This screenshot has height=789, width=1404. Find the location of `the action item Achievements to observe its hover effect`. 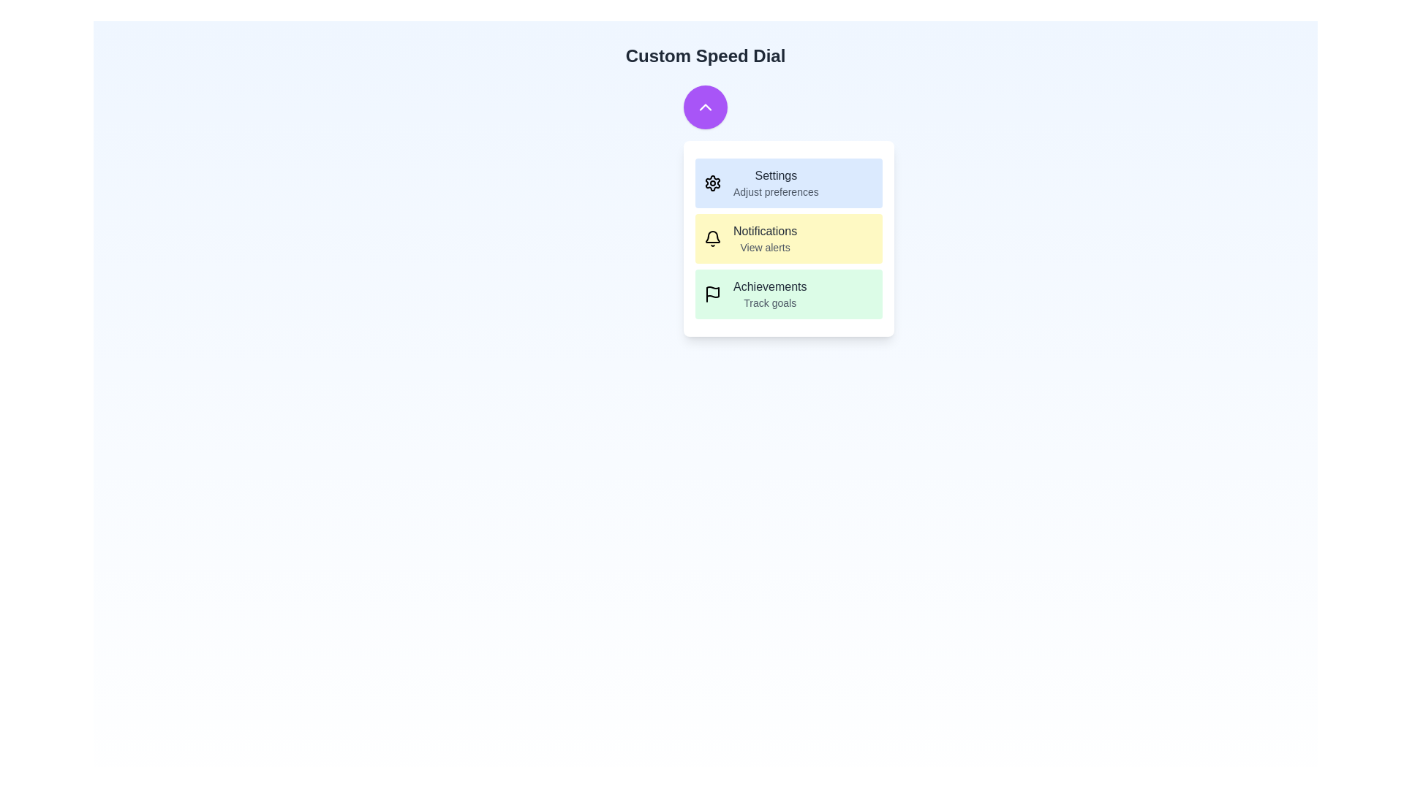

the action item Achievements to observe its hover effect is located at coordinates (788, 294).